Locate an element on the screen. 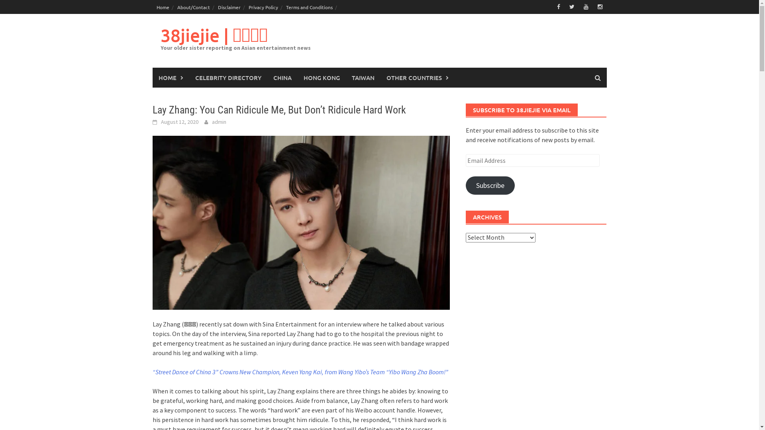  'Home' is located at coordinates (152, 7).